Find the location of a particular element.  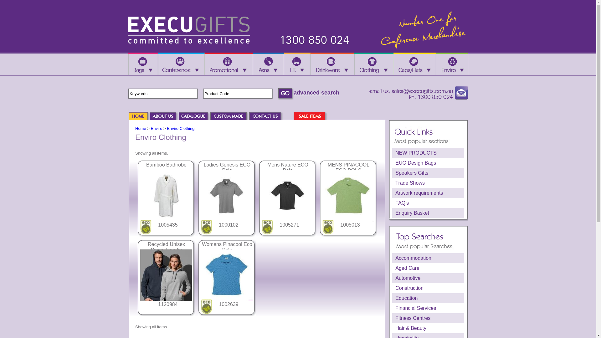

'Drinkware' is located at coordinates (331, 64).